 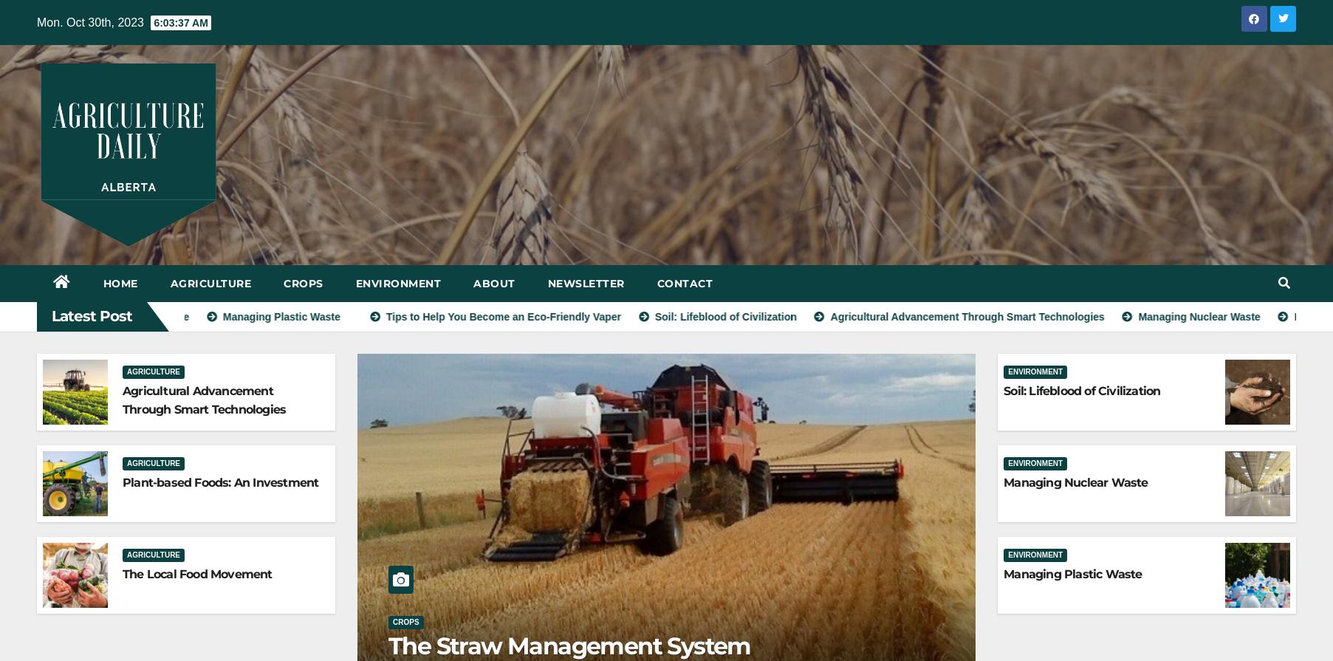 I want to click on 'Contact', so click(x=685, y=282).